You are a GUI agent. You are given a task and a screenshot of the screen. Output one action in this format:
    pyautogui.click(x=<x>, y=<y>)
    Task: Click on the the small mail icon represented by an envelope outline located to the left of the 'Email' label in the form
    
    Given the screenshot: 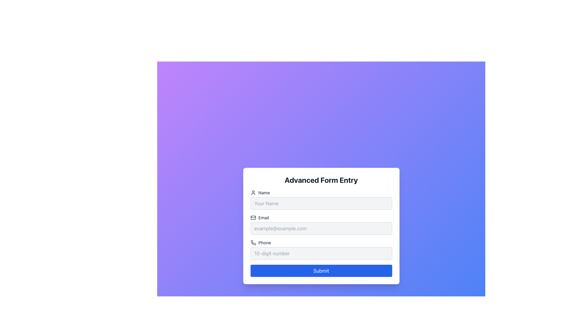 What is the action you would take?
    pyautogui.click(x=253, y=217)
    